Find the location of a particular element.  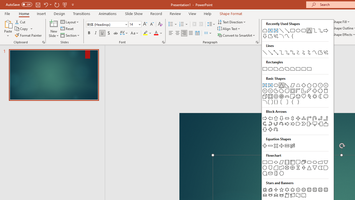

'Text Direction' is located at coordinates (232, 22).